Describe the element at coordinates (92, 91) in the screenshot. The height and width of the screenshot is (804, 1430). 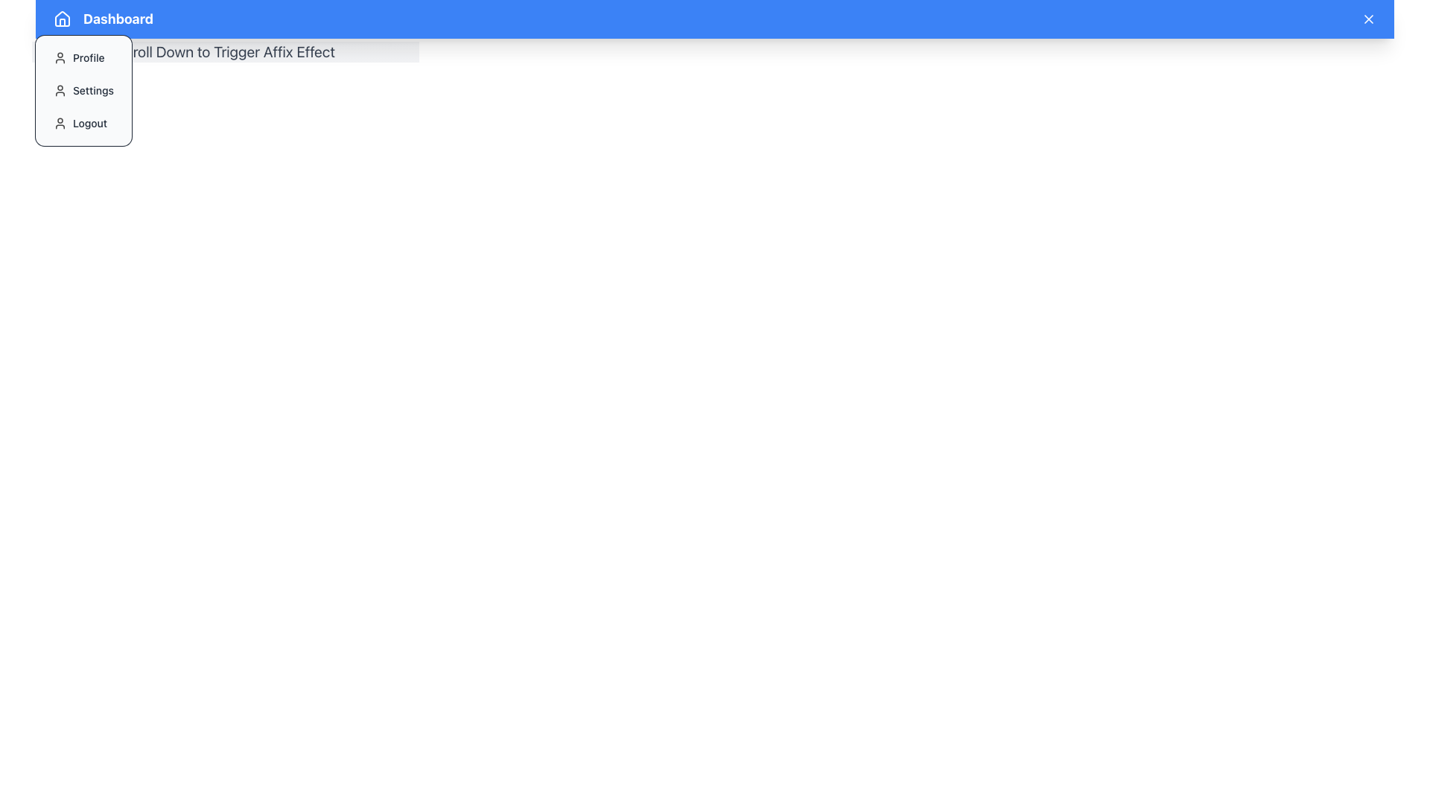
I see `the 'Settings' text label in the dropdown menu` at that location.